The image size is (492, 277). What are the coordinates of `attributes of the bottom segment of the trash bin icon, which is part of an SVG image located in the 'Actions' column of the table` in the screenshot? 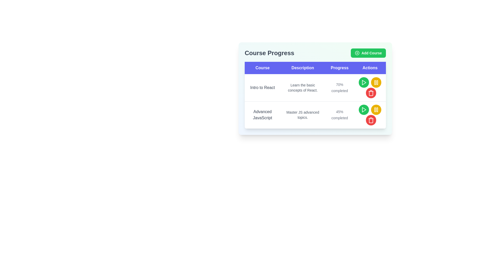 It's located at (371, 121).